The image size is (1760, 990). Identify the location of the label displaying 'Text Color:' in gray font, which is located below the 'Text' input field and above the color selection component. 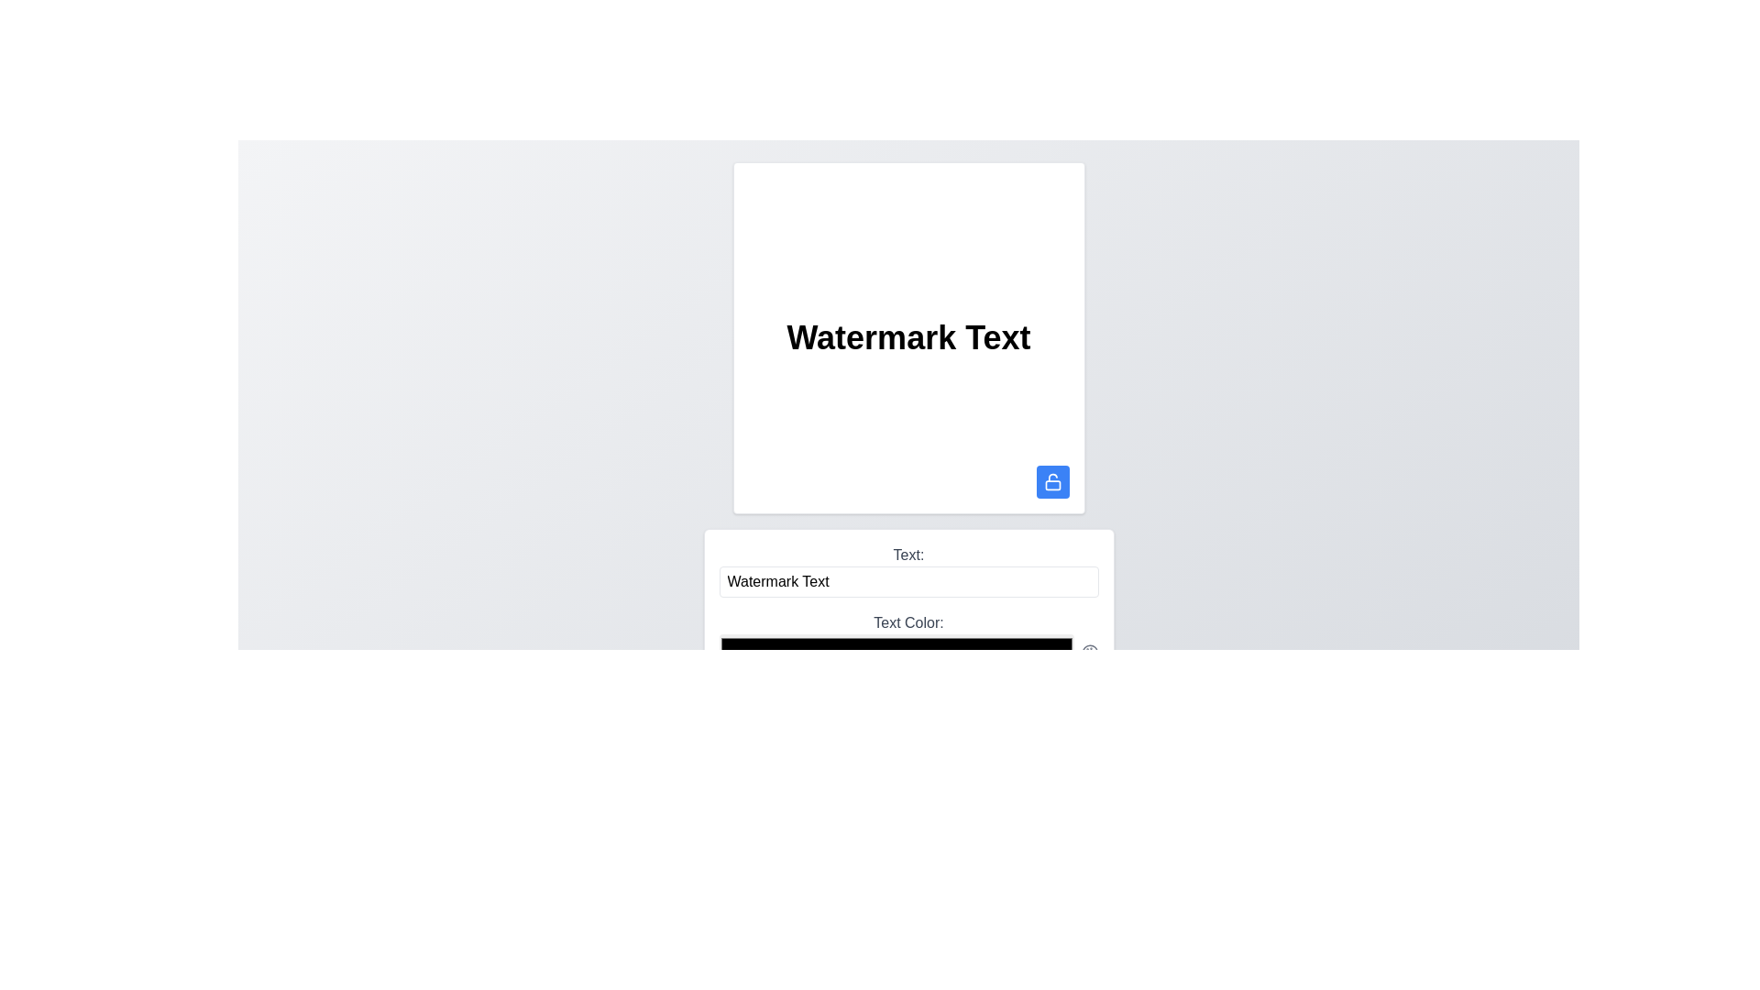
(908, 621).